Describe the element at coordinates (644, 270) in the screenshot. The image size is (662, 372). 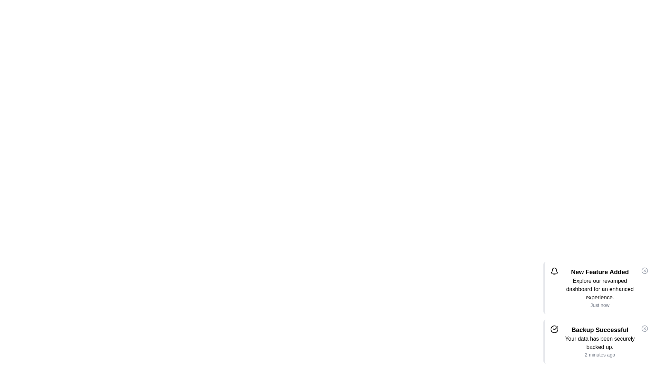
I see `the close button of the notification to dismiss it` at that location.